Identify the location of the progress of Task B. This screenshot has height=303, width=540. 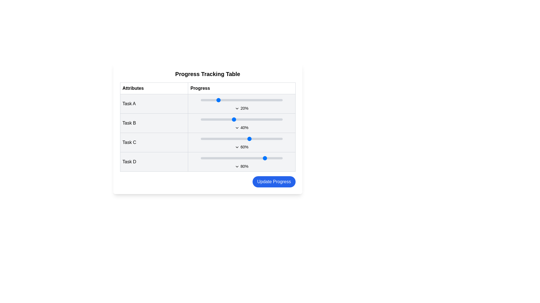
(236, 119).